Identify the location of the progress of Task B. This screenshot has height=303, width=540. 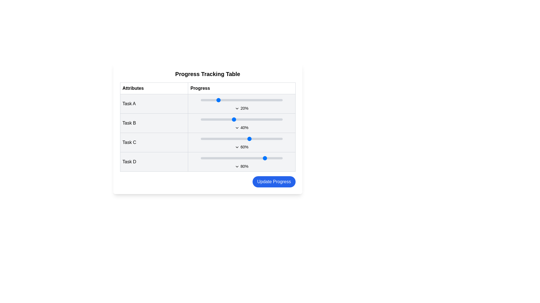
(236, 119).